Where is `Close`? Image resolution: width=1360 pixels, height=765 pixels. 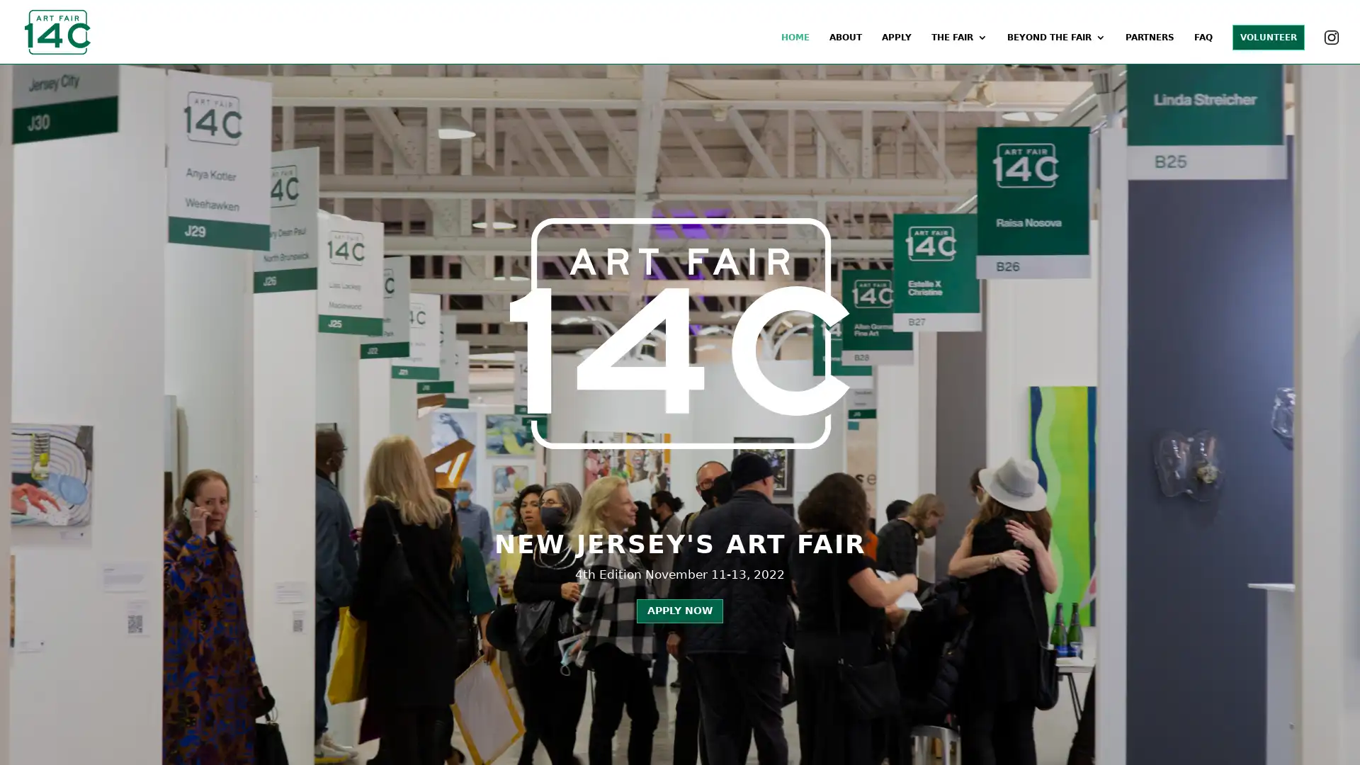 Close is located at coordinates (886, 47).